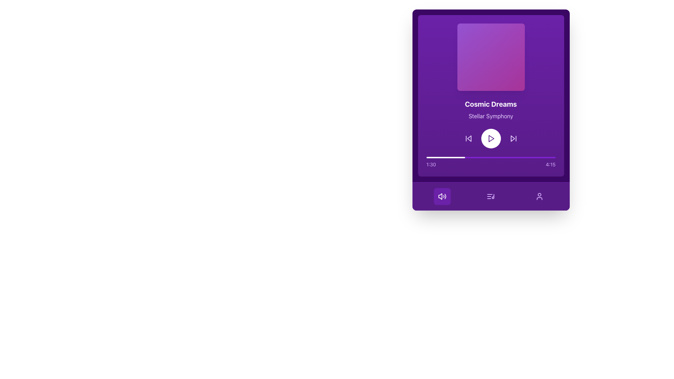  What do you see at coordinates (513, 138) in the screenshot?
I see `the small triangular shape button segment, which is part of the skip forward functionality in the media player interface` at bounding box center [513, 138].